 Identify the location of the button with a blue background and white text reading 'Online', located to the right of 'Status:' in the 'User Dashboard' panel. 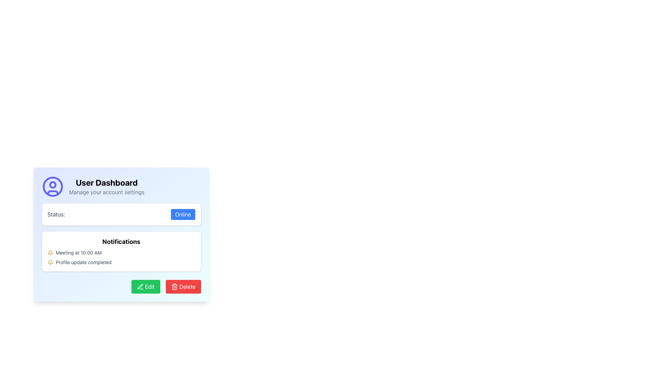
(183, 214).